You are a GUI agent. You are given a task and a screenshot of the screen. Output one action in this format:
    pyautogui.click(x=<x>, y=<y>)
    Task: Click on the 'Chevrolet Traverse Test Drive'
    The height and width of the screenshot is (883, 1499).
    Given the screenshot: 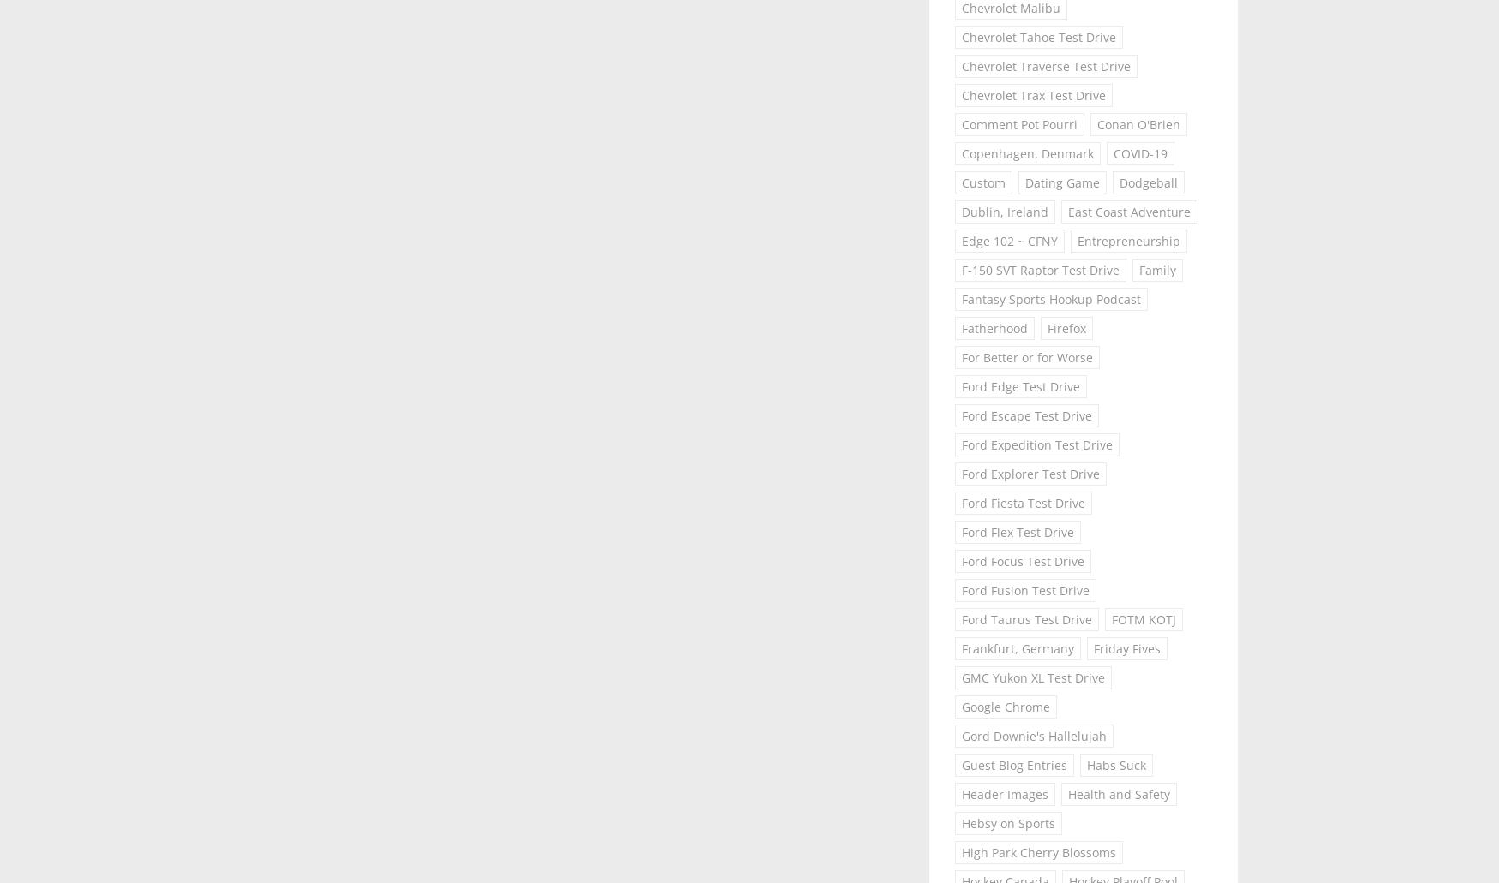 What is the action you would take?
    pyautogui.click(x=961, y=65)
    